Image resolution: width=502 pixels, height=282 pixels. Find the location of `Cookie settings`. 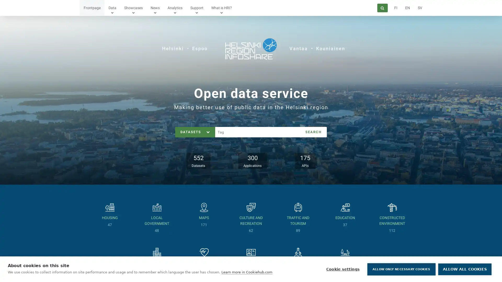

Cookie settings is located at coordinates (343, 269).